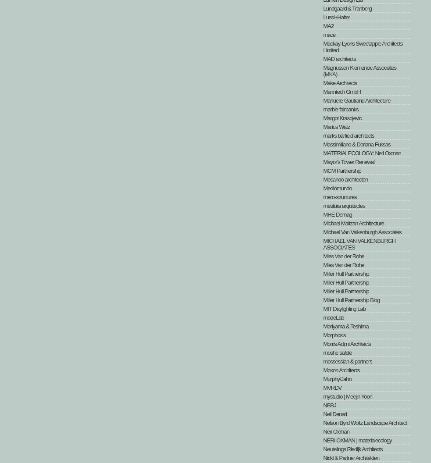 The width and height of the screenshot is (431, 463). What do you see at coordinates (359, 244) in the screenshot?
I see `'MICHAEL VAN VALKENBURGH ASSOCIATES'` at bounding box center [359, 244].